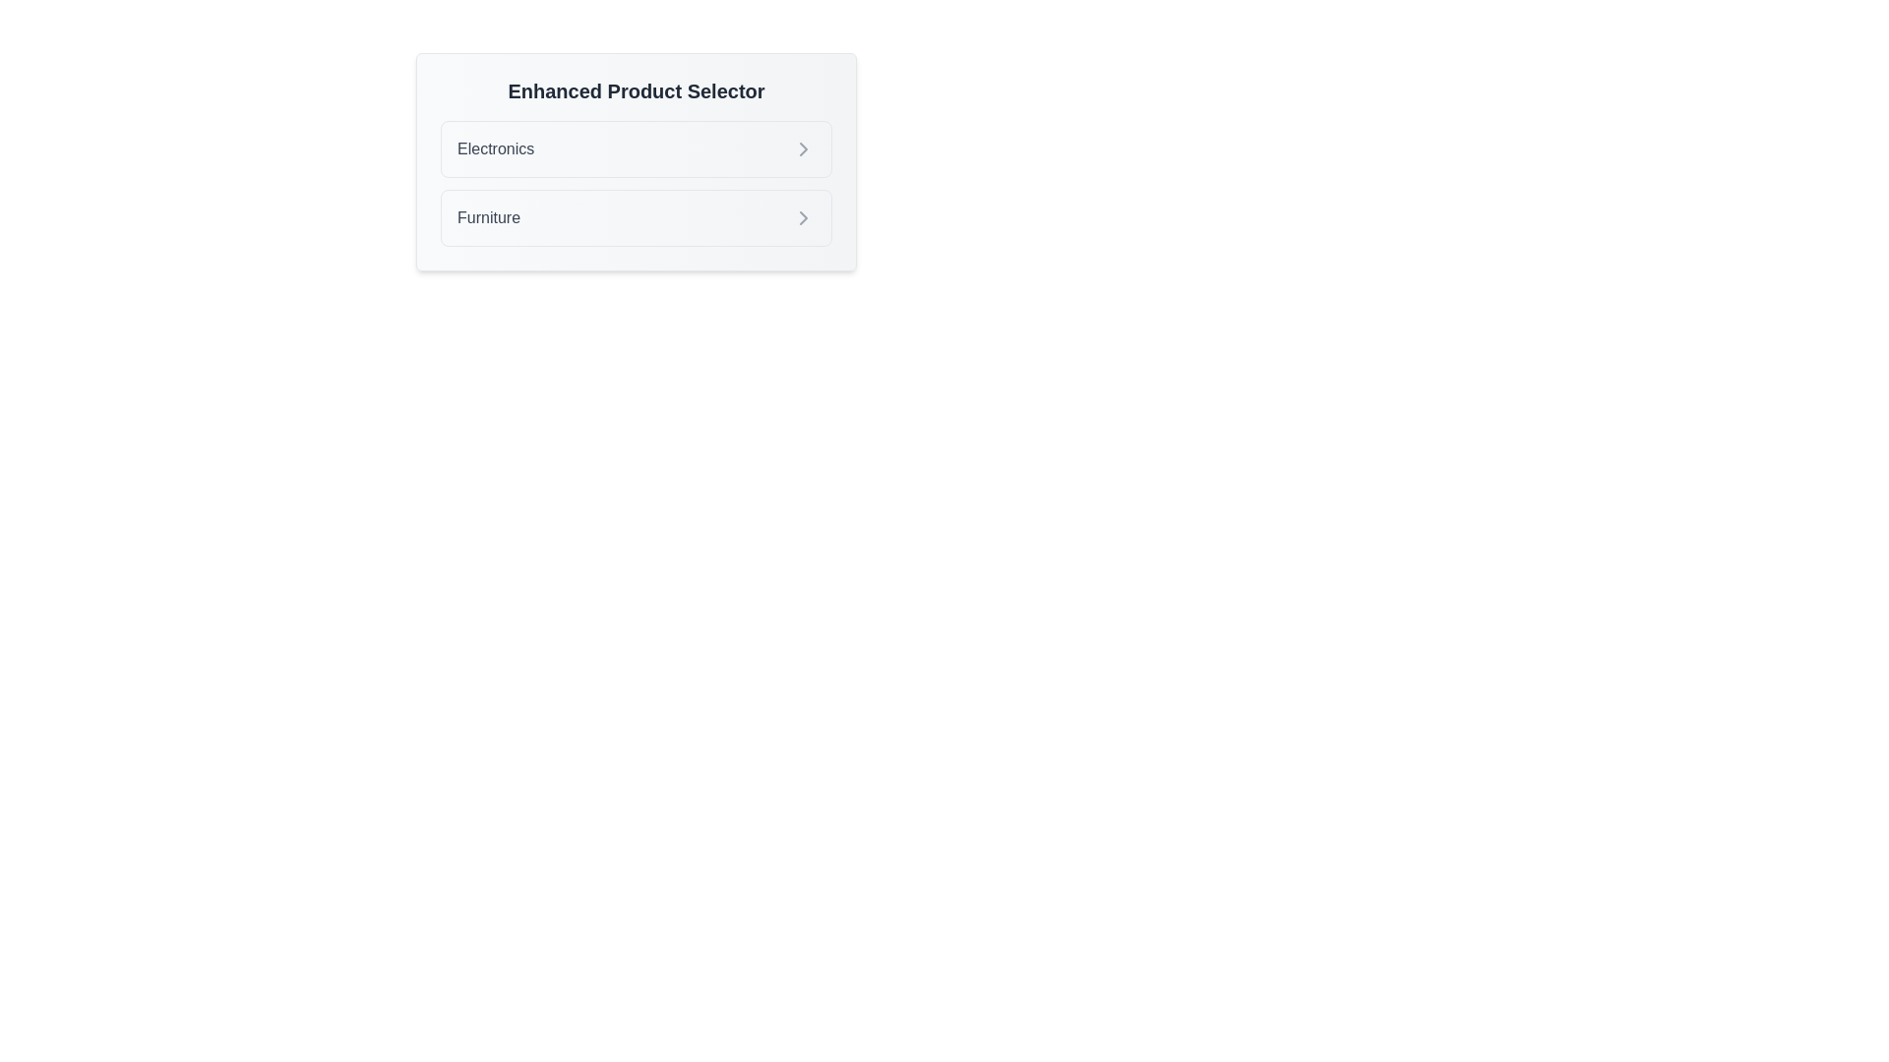 The image size is (1889, 1062). I want to click on the chevron icon located on the right side of the row containing the 'Furniture' label, so click(803, 218).